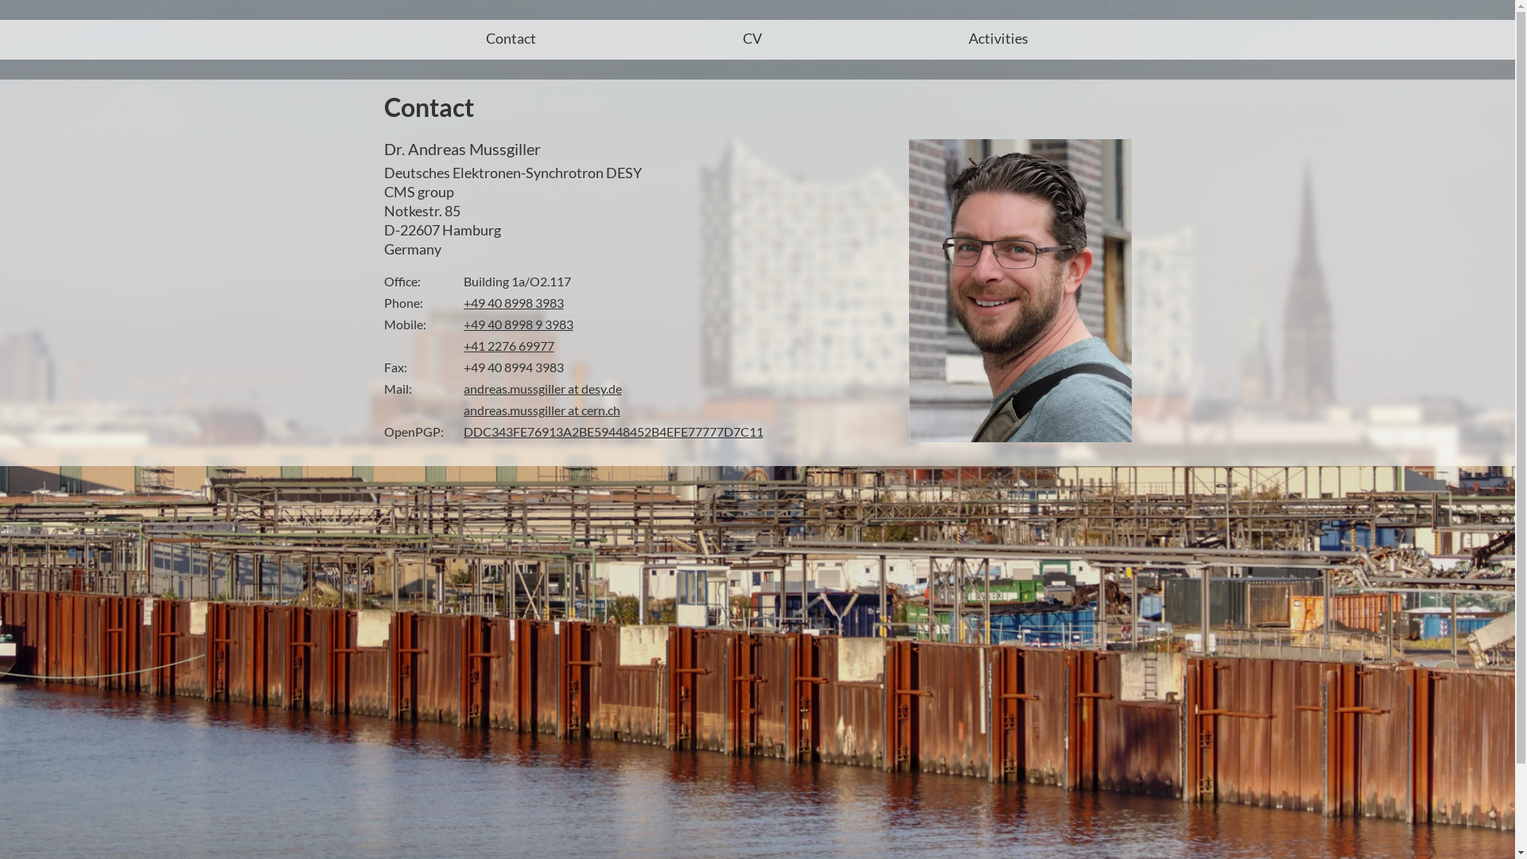 Image resolution: width=1527 pixels, height=859 pixels. Describe the element at coordinates (612, 431) in the screenshot. I see `'DDC343FE76913A2BE59448452B4EFE77777D7C11'` at that location.